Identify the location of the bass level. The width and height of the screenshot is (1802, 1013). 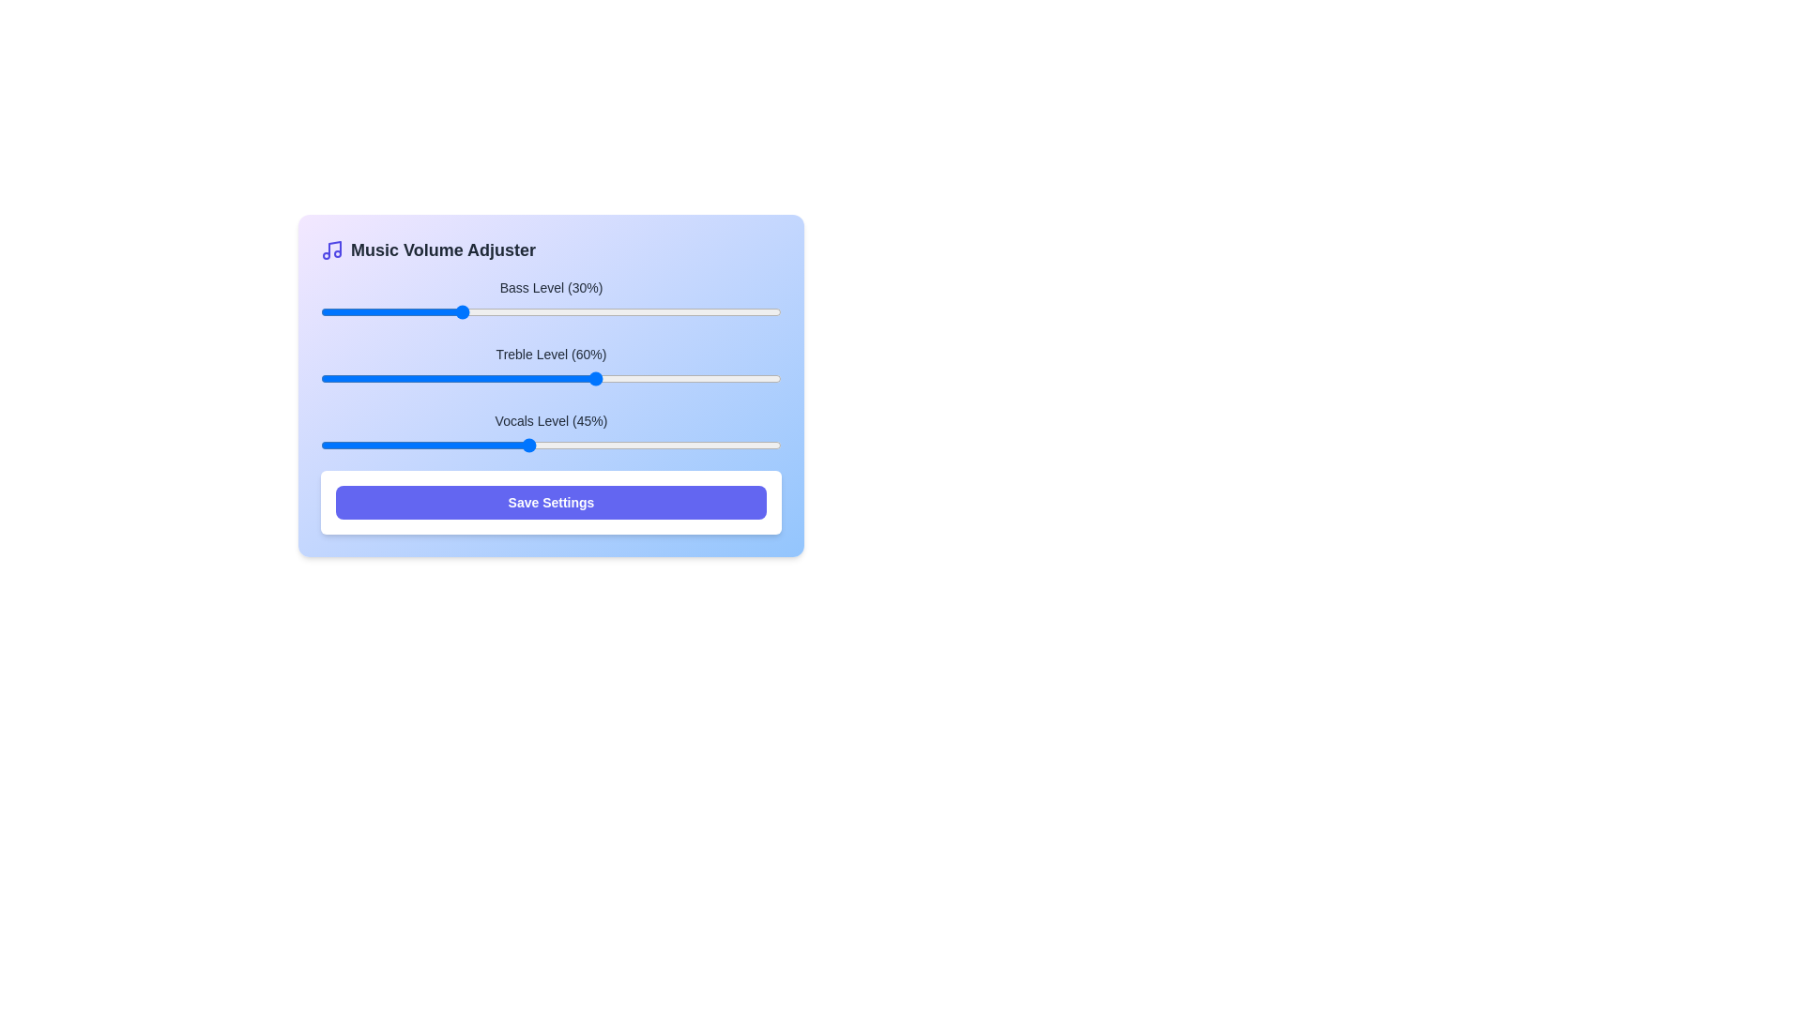
(716, 310).